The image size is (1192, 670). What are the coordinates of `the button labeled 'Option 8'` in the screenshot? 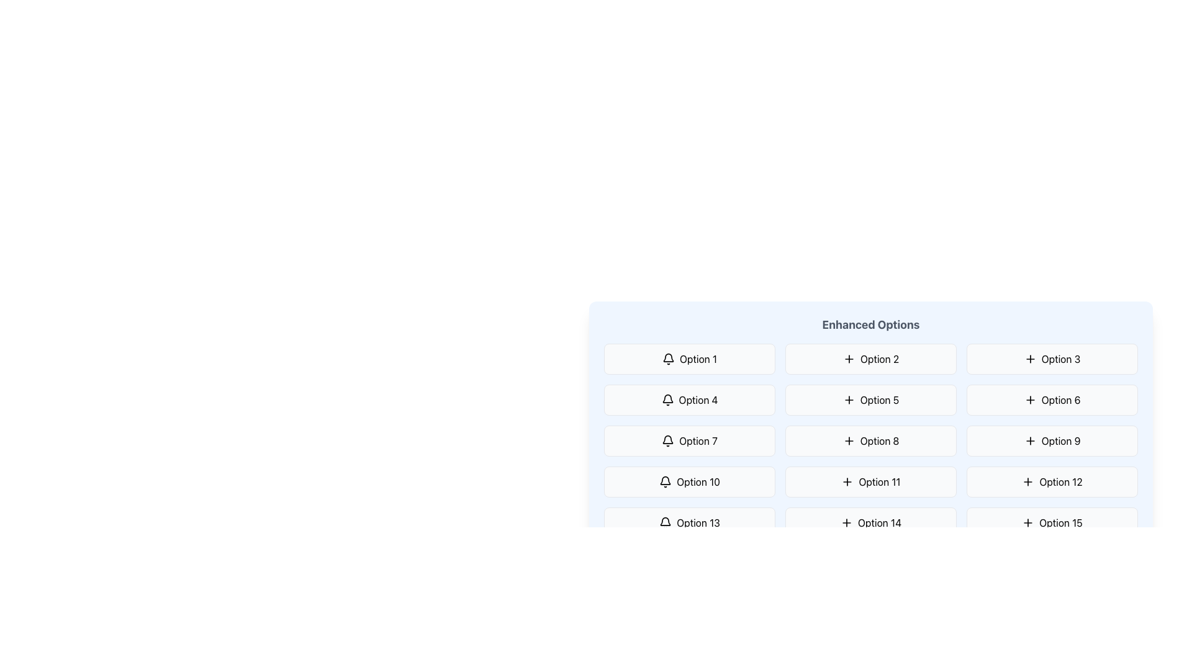 It's located at (870, 440).